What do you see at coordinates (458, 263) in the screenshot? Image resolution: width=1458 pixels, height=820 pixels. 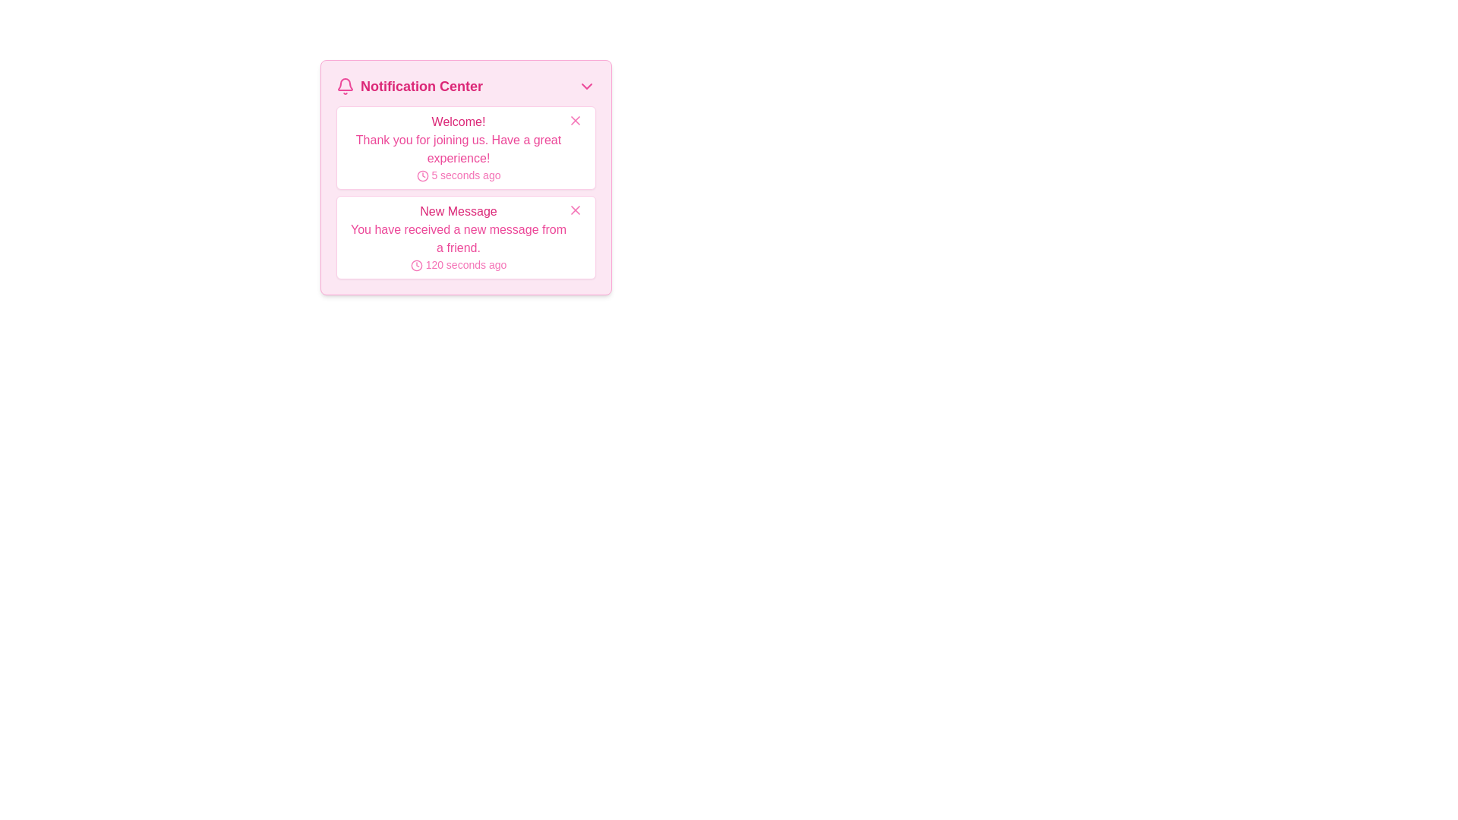 I see `the Timestamp element displaying '120 seconds ago' with a clock icon in the Notification Center` at bounding box center [458, 263].